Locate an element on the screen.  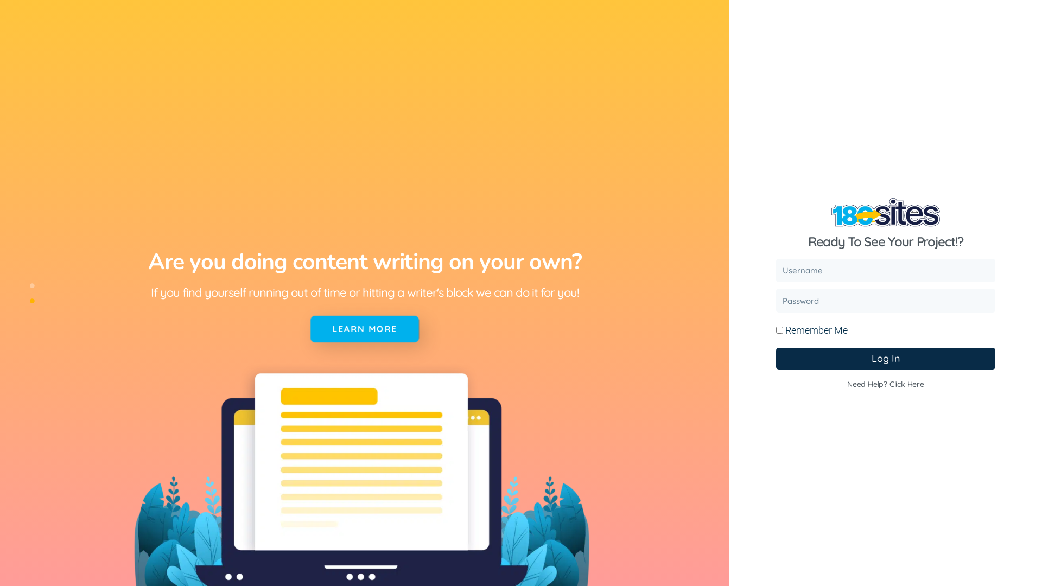
'Need Help? Click Here' is located at coordinates (886, 384).